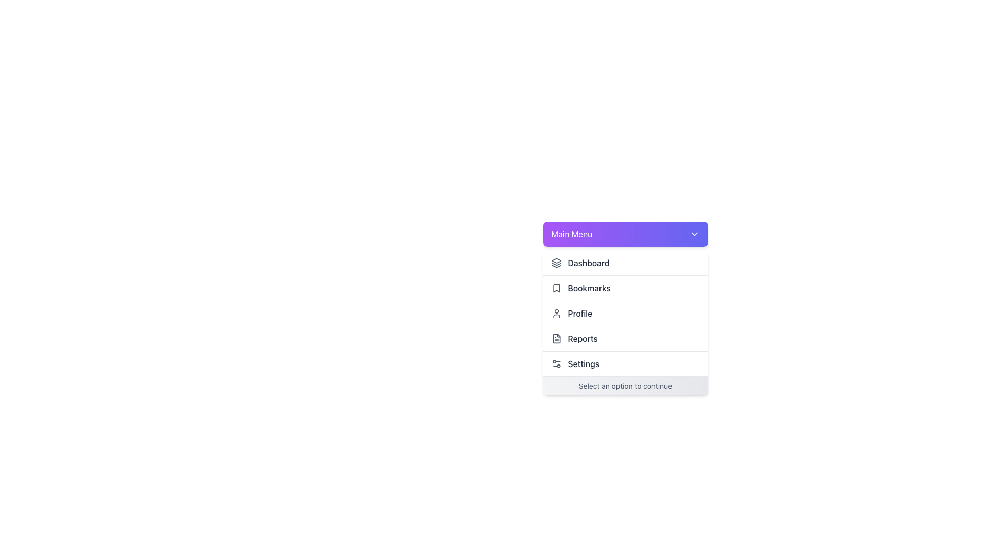 The image size is (988, 556). What do you see at coordinates (588, 262) in the screenshot?
I see `the 'Dashboard' menu item located in the dropdown menu, which is aligned with an icon depicting layers to its left` at bounding box center [588, 262].